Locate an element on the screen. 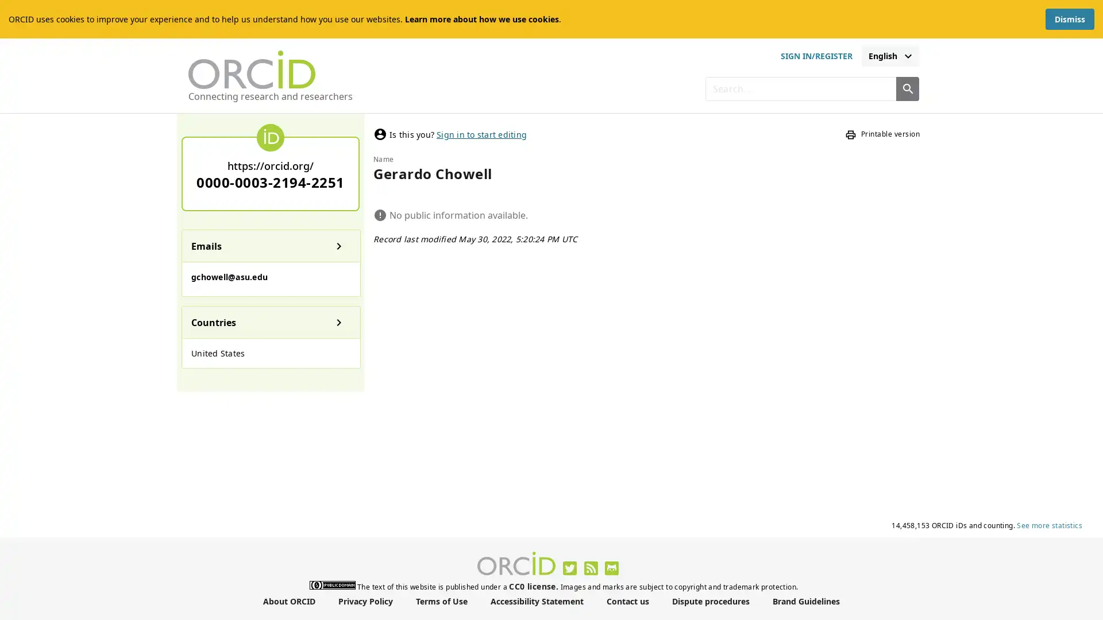 This screenshot has width=1103, height=620. Printable version is located at coordinates (882, 134).